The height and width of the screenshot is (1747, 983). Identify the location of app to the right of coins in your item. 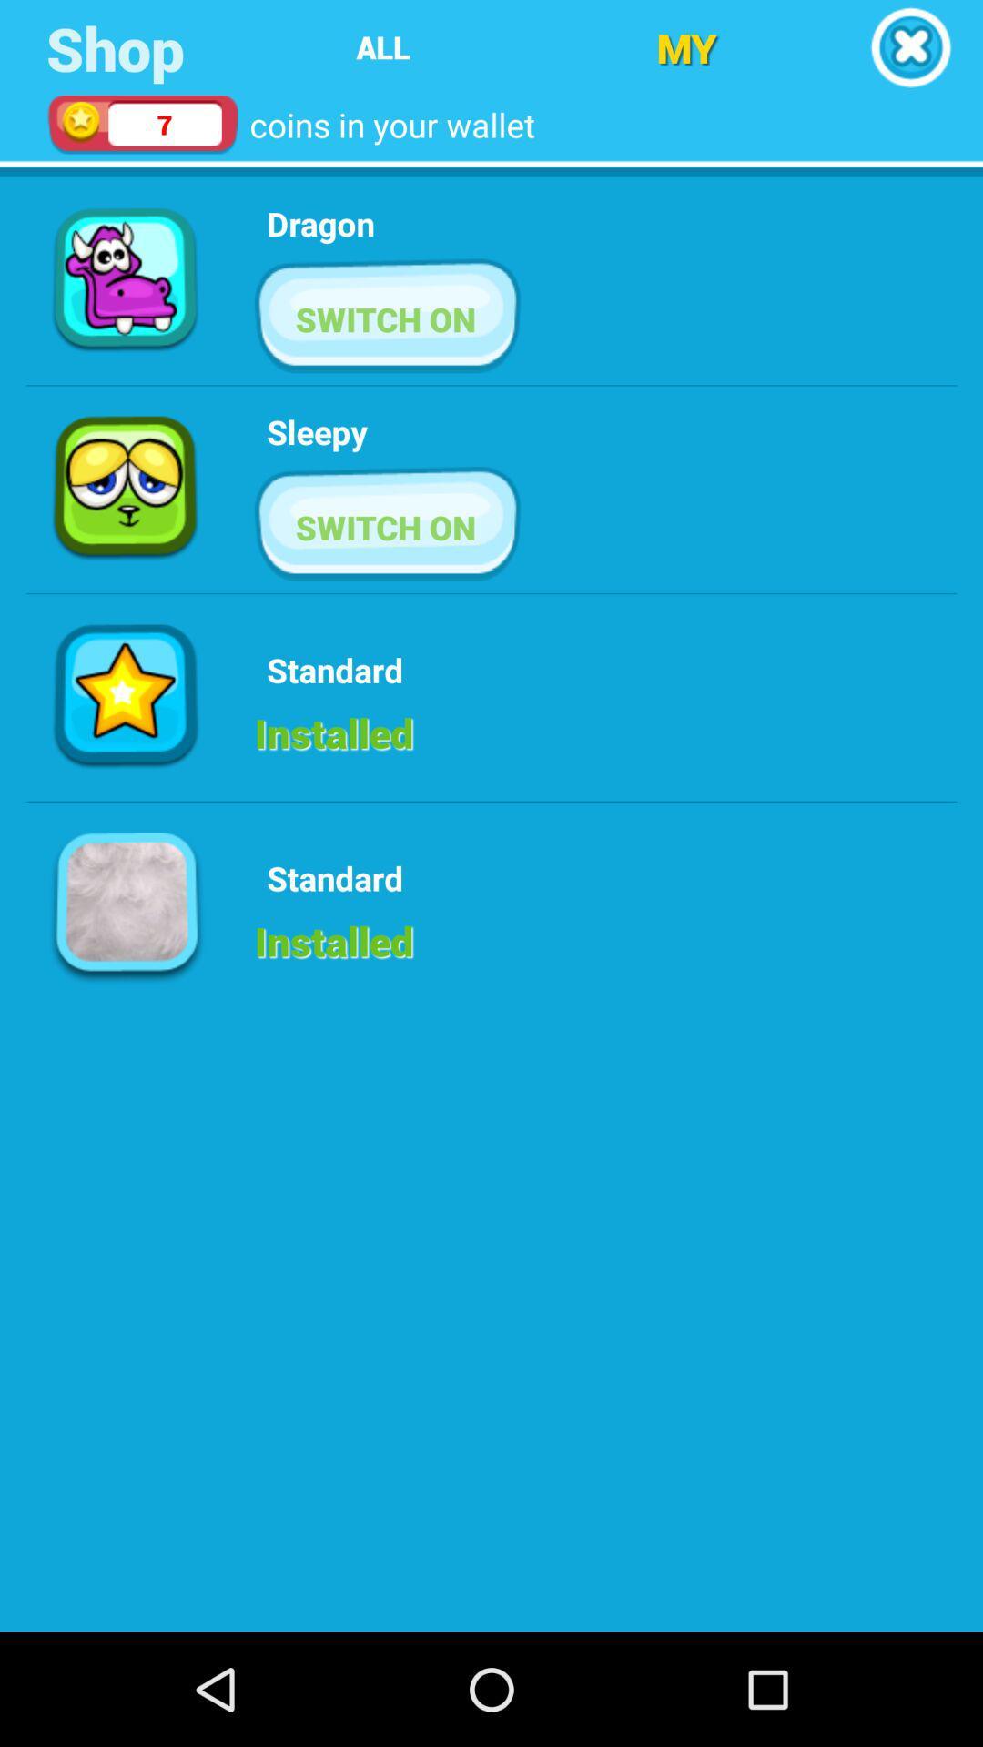
(686, 47).